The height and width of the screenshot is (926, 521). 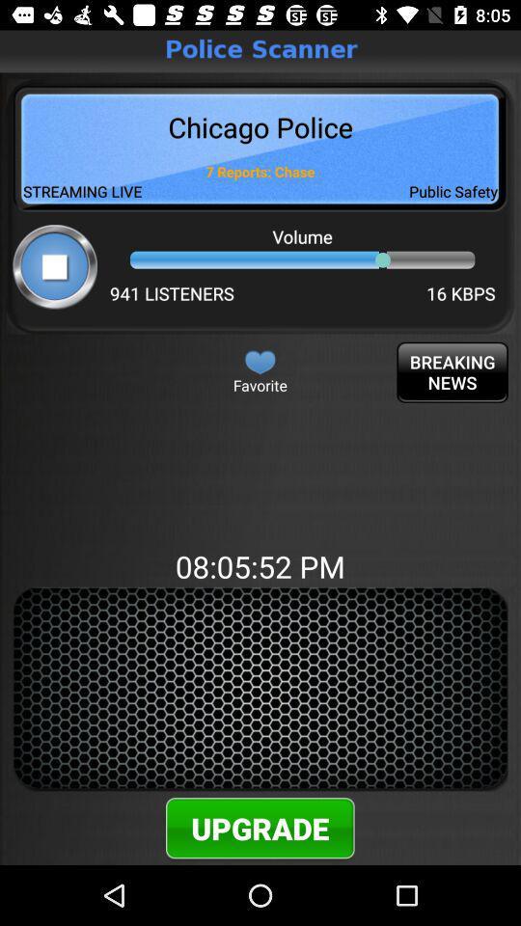 I want to click on this, so click(x=260, y=361).